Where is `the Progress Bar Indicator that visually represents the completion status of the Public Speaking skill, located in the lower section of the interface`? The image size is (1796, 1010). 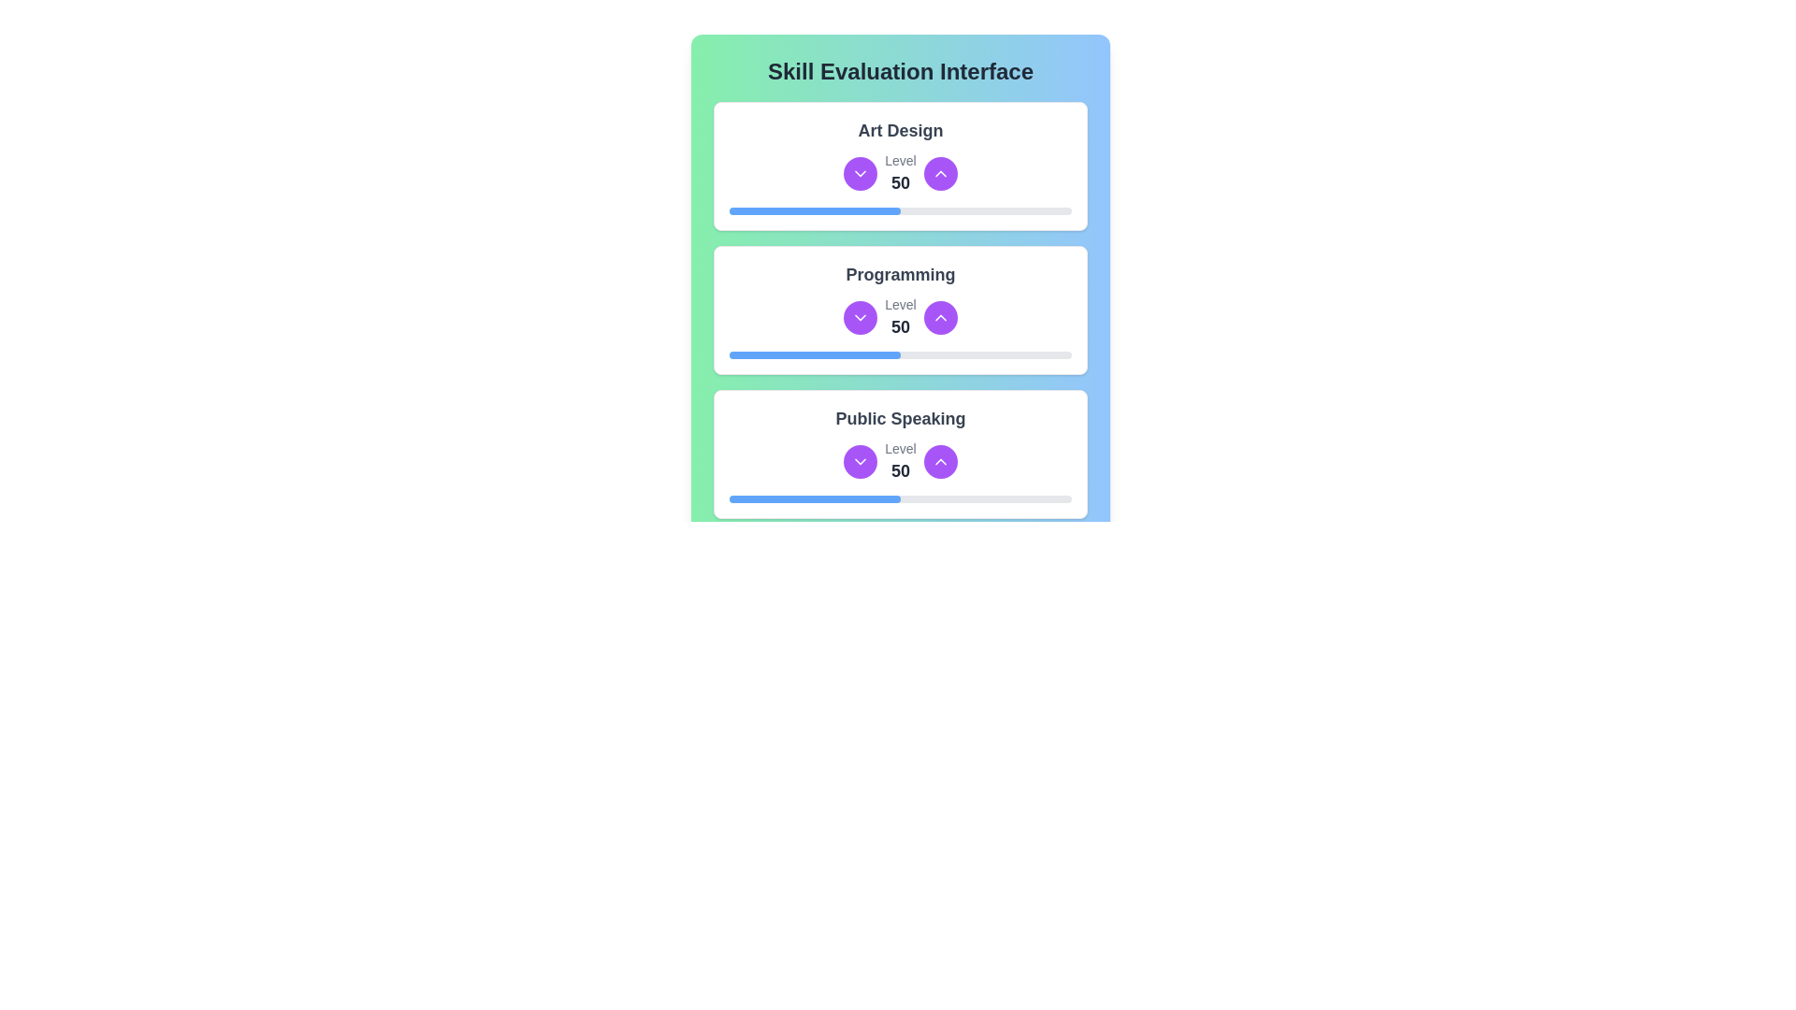
the Progress Bar Indicator that visually represents the completion status of the Public Speaking skill, located in the lower section of the interface is located at coordinates (815, 642).